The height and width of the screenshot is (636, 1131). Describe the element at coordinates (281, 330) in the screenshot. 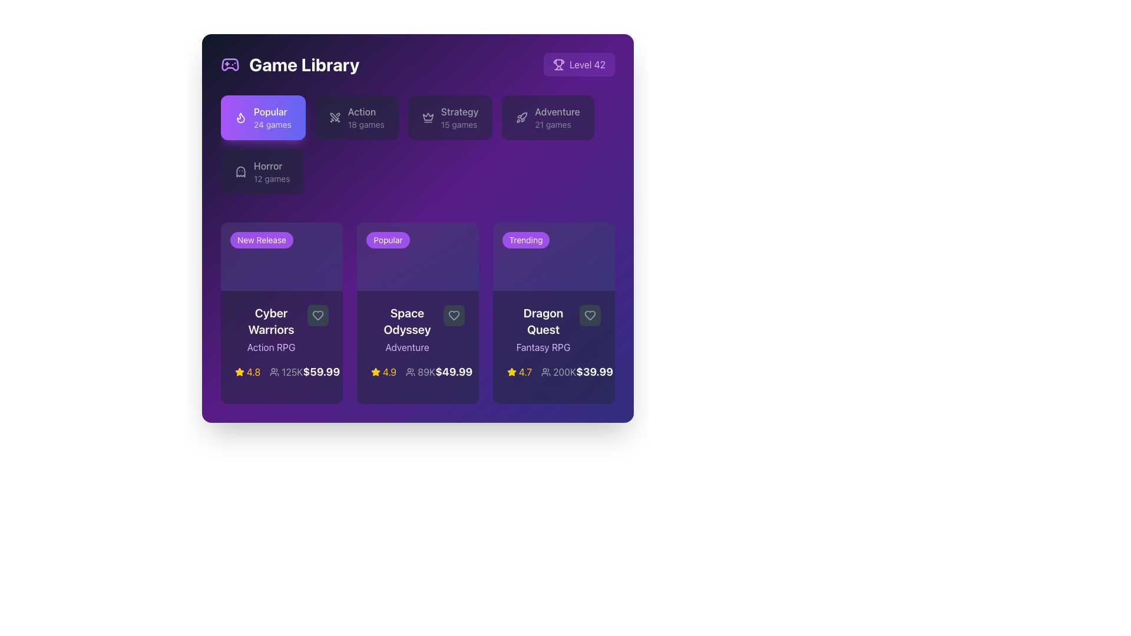

I see `text label that displays 'Cyber Warriors' in bold white font and 'Action RPG' in smaller purple font, located within the 'Popular' category card layout` at that location.